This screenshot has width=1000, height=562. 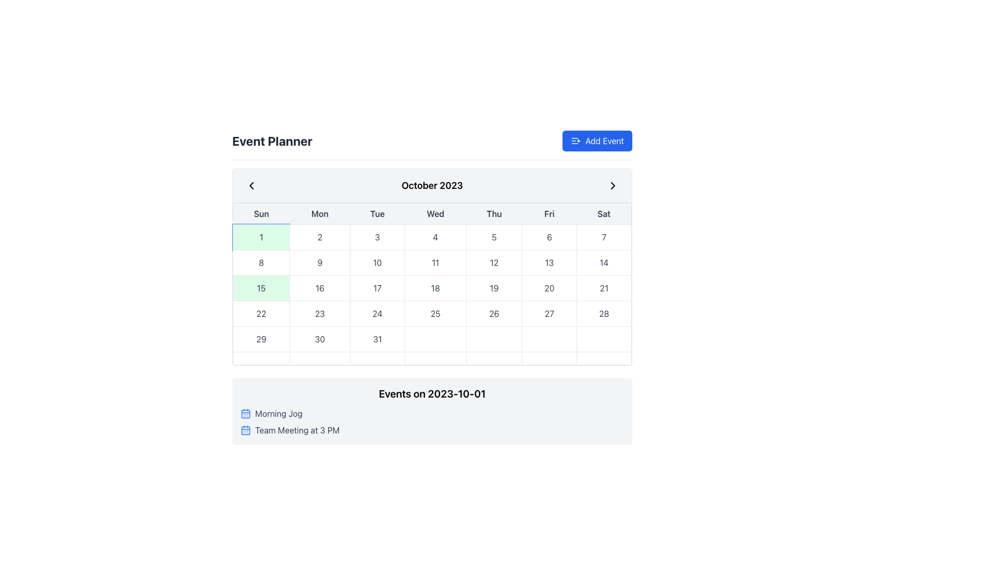 I want to click on the specific date in the main calendar view, which is centrally located on the page below the 'Event Planner' title, so click(x=432, y=266).